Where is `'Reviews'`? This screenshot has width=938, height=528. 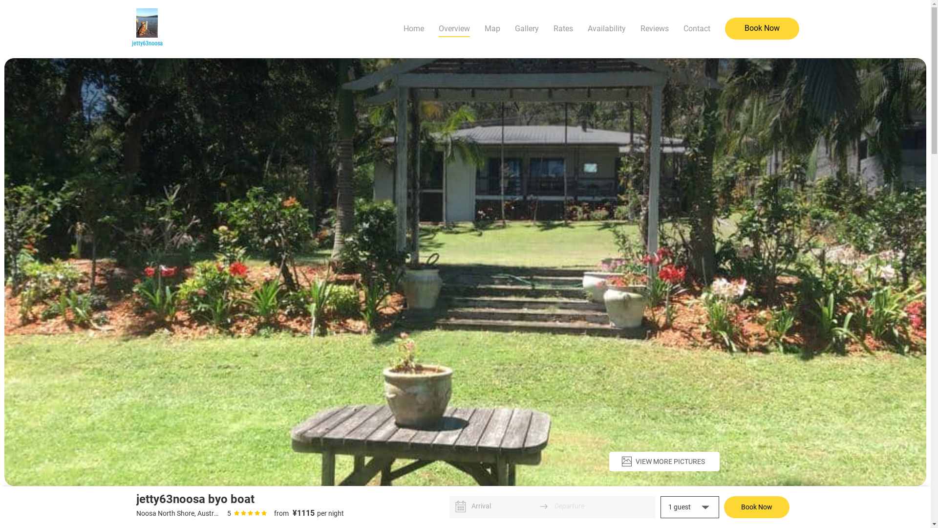
'Reviews' is located at coordinates (654, 28).